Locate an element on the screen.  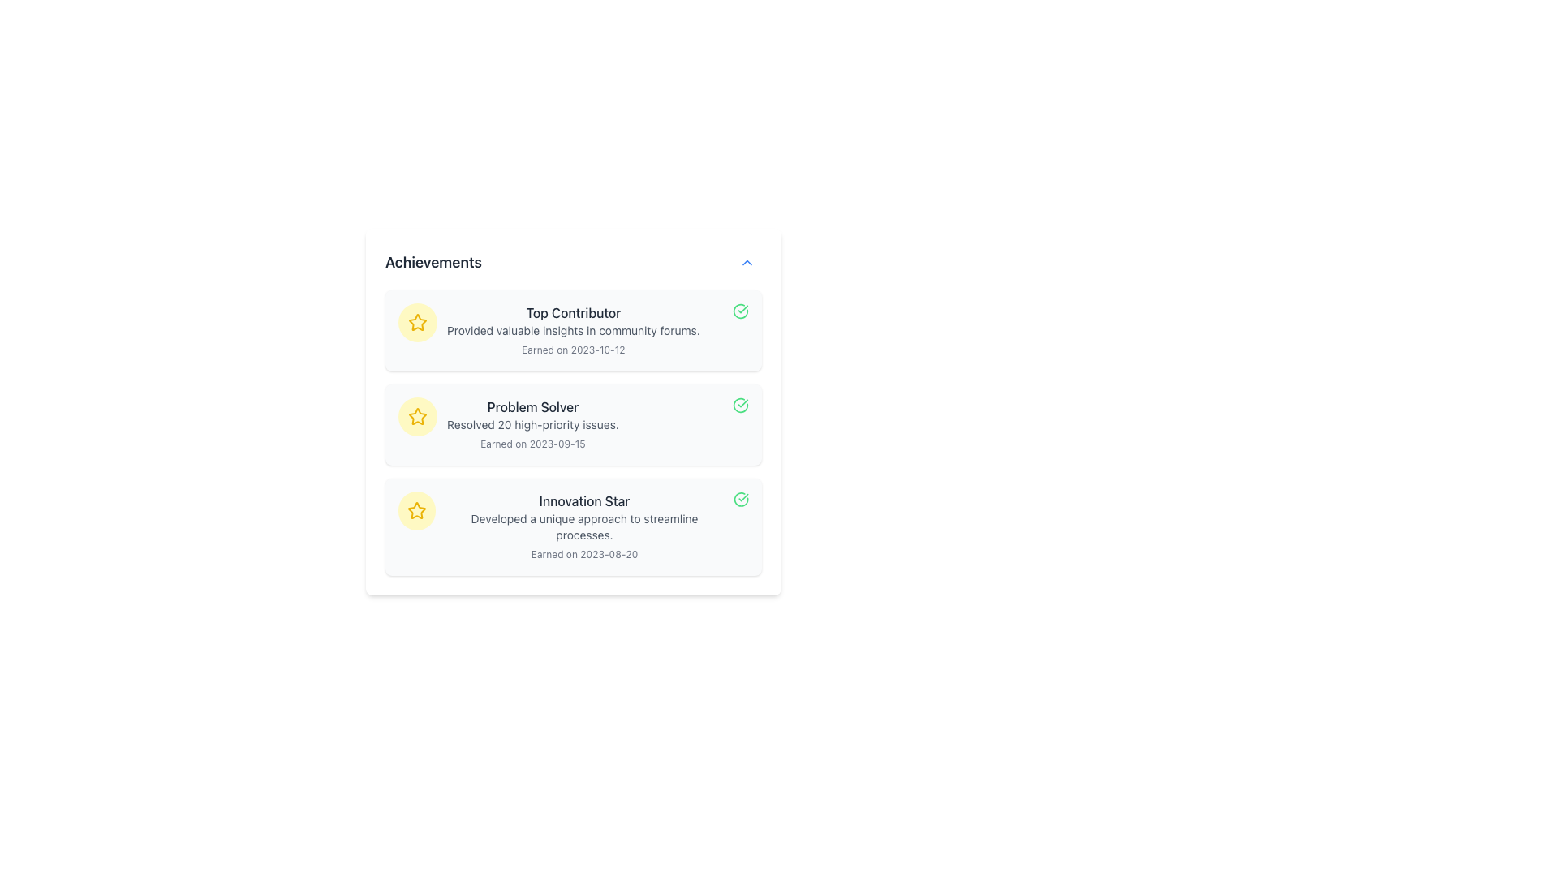
the first informational card that details a user's achievement, which is positioned below a yellow circular icon with a star, in a vertical list of similar components is located at coordinates (573, 330).